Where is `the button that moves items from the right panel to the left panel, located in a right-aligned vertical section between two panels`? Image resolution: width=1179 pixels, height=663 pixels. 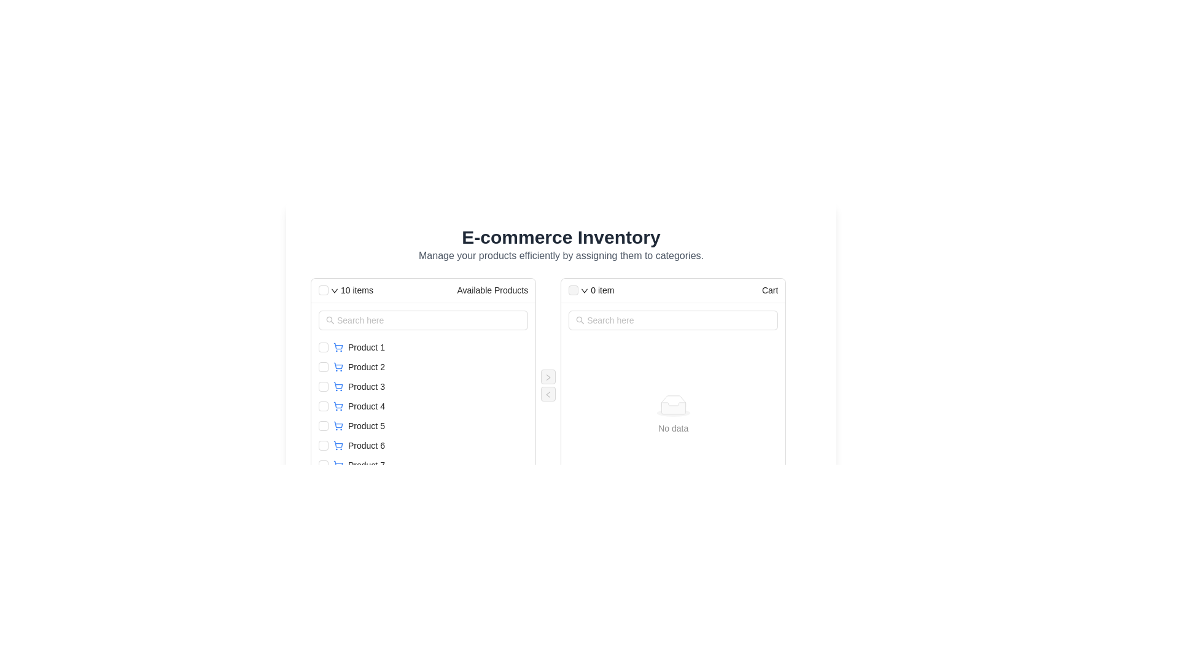
the button that moves items from the right panel to the left panel, located in a right-aligned vertical section between two panels is located at coordinates (548, 394).